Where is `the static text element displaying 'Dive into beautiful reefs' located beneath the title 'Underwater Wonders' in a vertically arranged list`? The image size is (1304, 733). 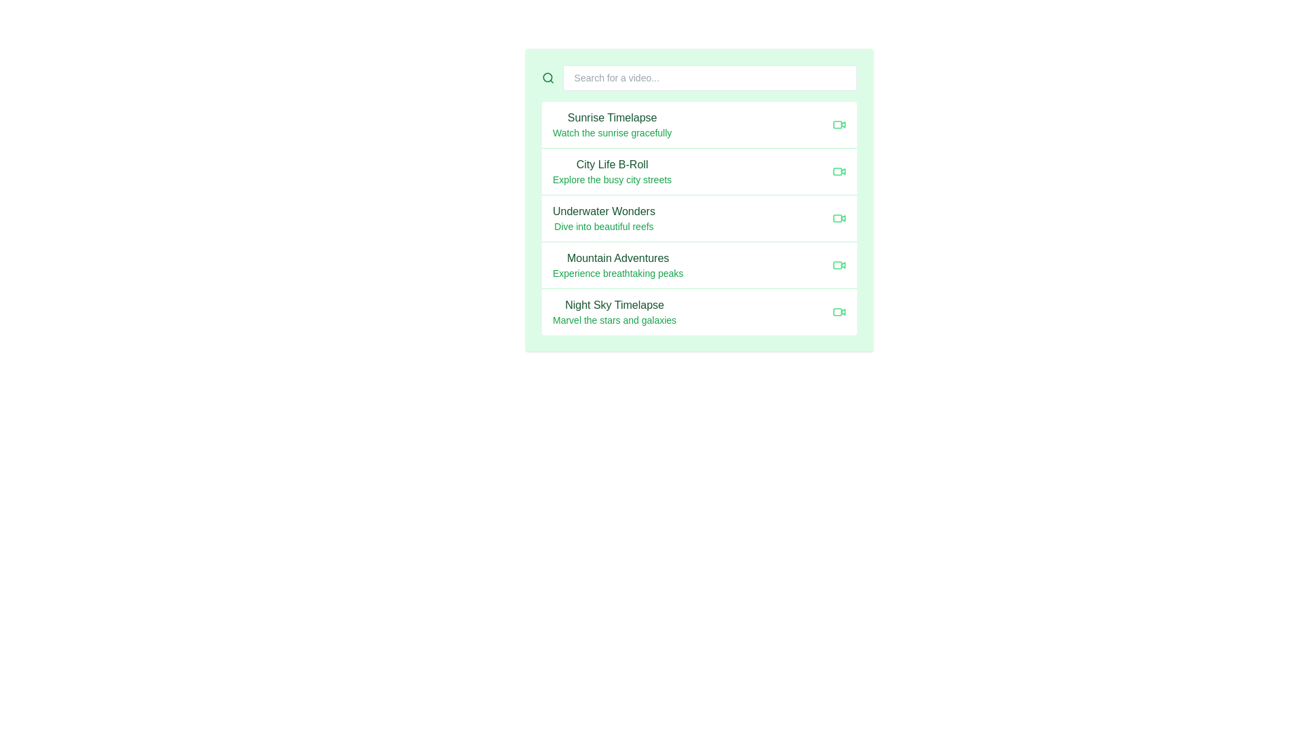 the static text element displaying 'Dive into beautiful reefs' located beneath the title 'Underwater Wonders' in a vertically arranged list is located at coordinates (603, 226).